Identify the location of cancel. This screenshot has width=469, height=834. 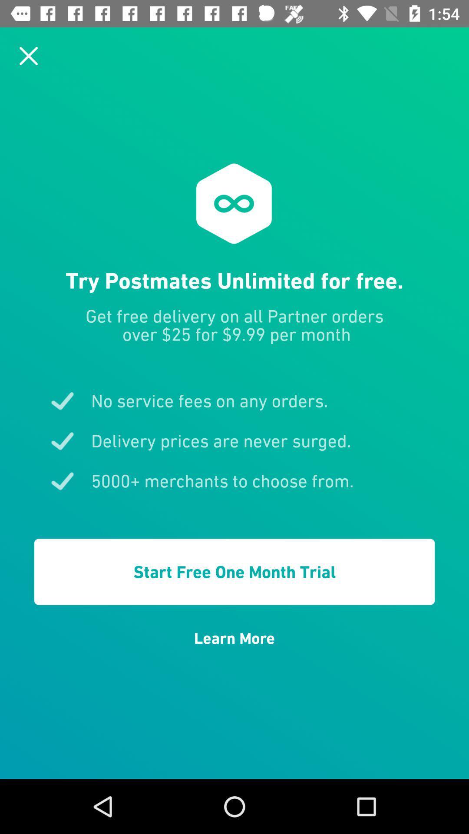
(28, 55).